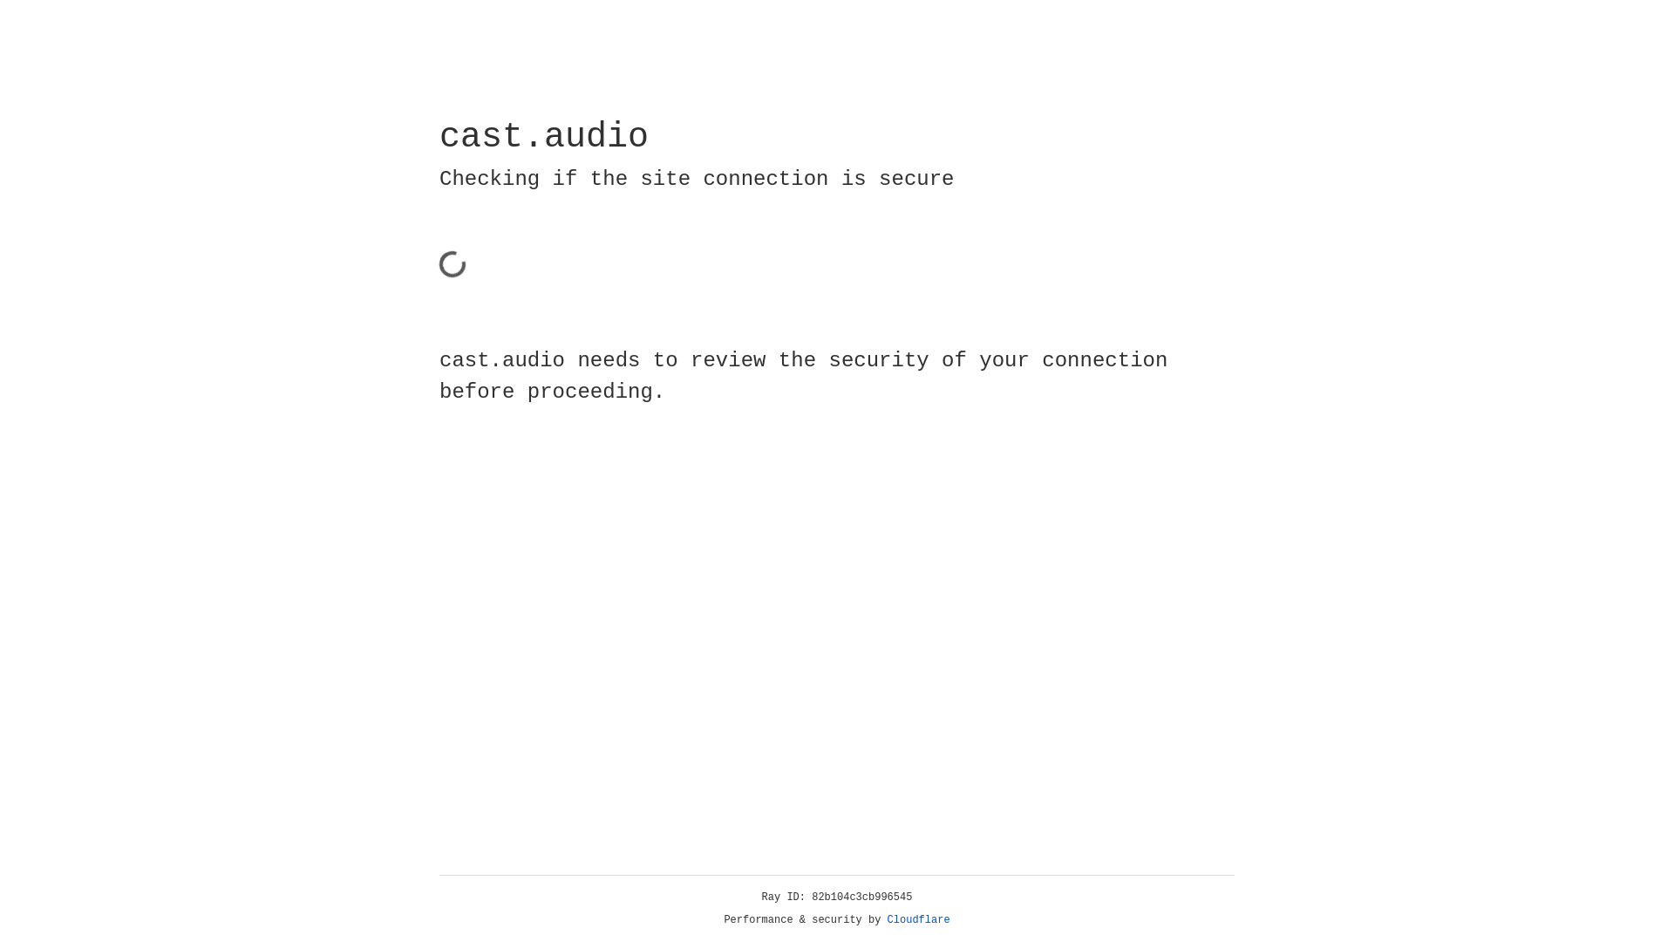  I want to click on 'Cloudflare', so click(887, 919).